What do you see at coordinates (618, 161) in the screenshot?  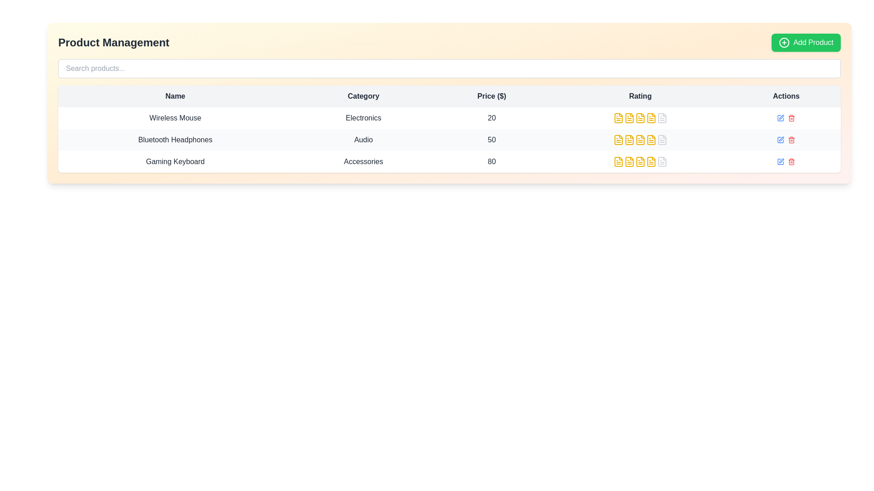 I see `the first rectangular icon with a yellow outline in the last row of the rating system to set the rating` at bounding box center [618, 161].